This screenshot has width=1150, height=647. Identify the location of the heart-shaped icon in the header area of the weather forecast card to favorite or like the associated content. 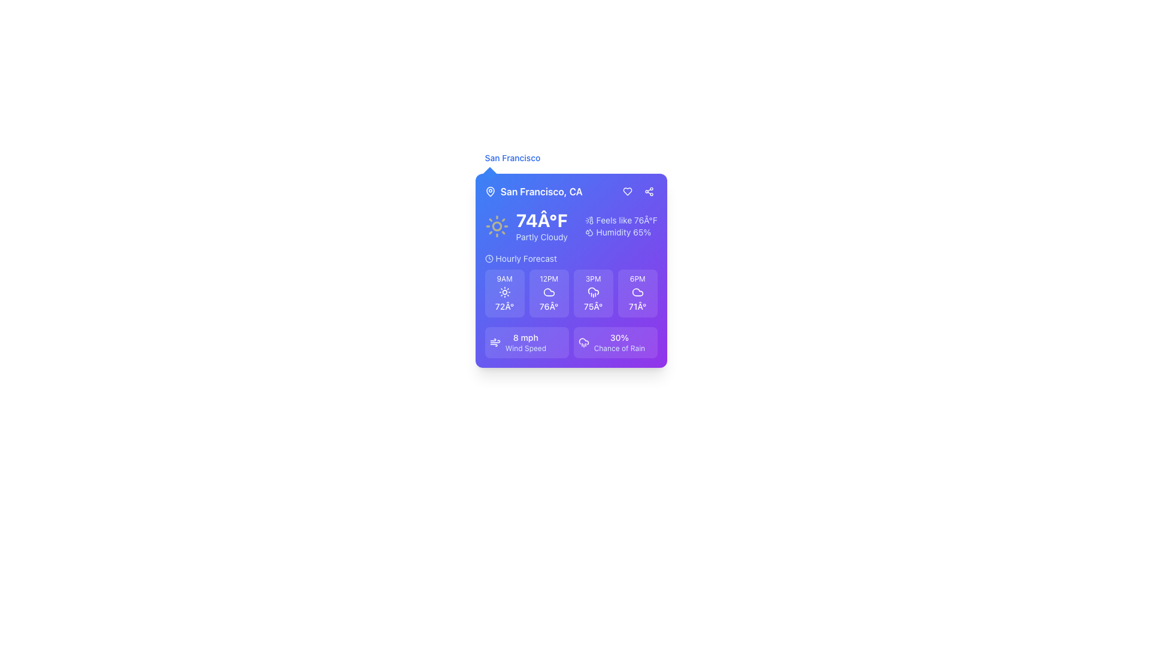
(627, 191).